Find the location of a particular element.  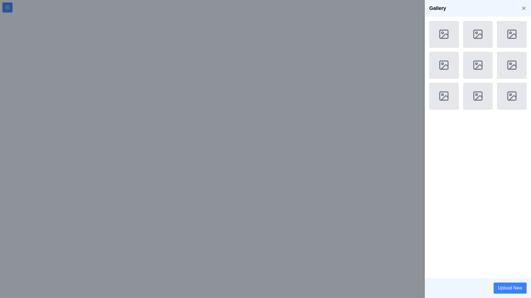

the 'Gallery' text label in the upper-right portion of the header bar, which has a bold font and light blue background is located at coordinates (437, 8).